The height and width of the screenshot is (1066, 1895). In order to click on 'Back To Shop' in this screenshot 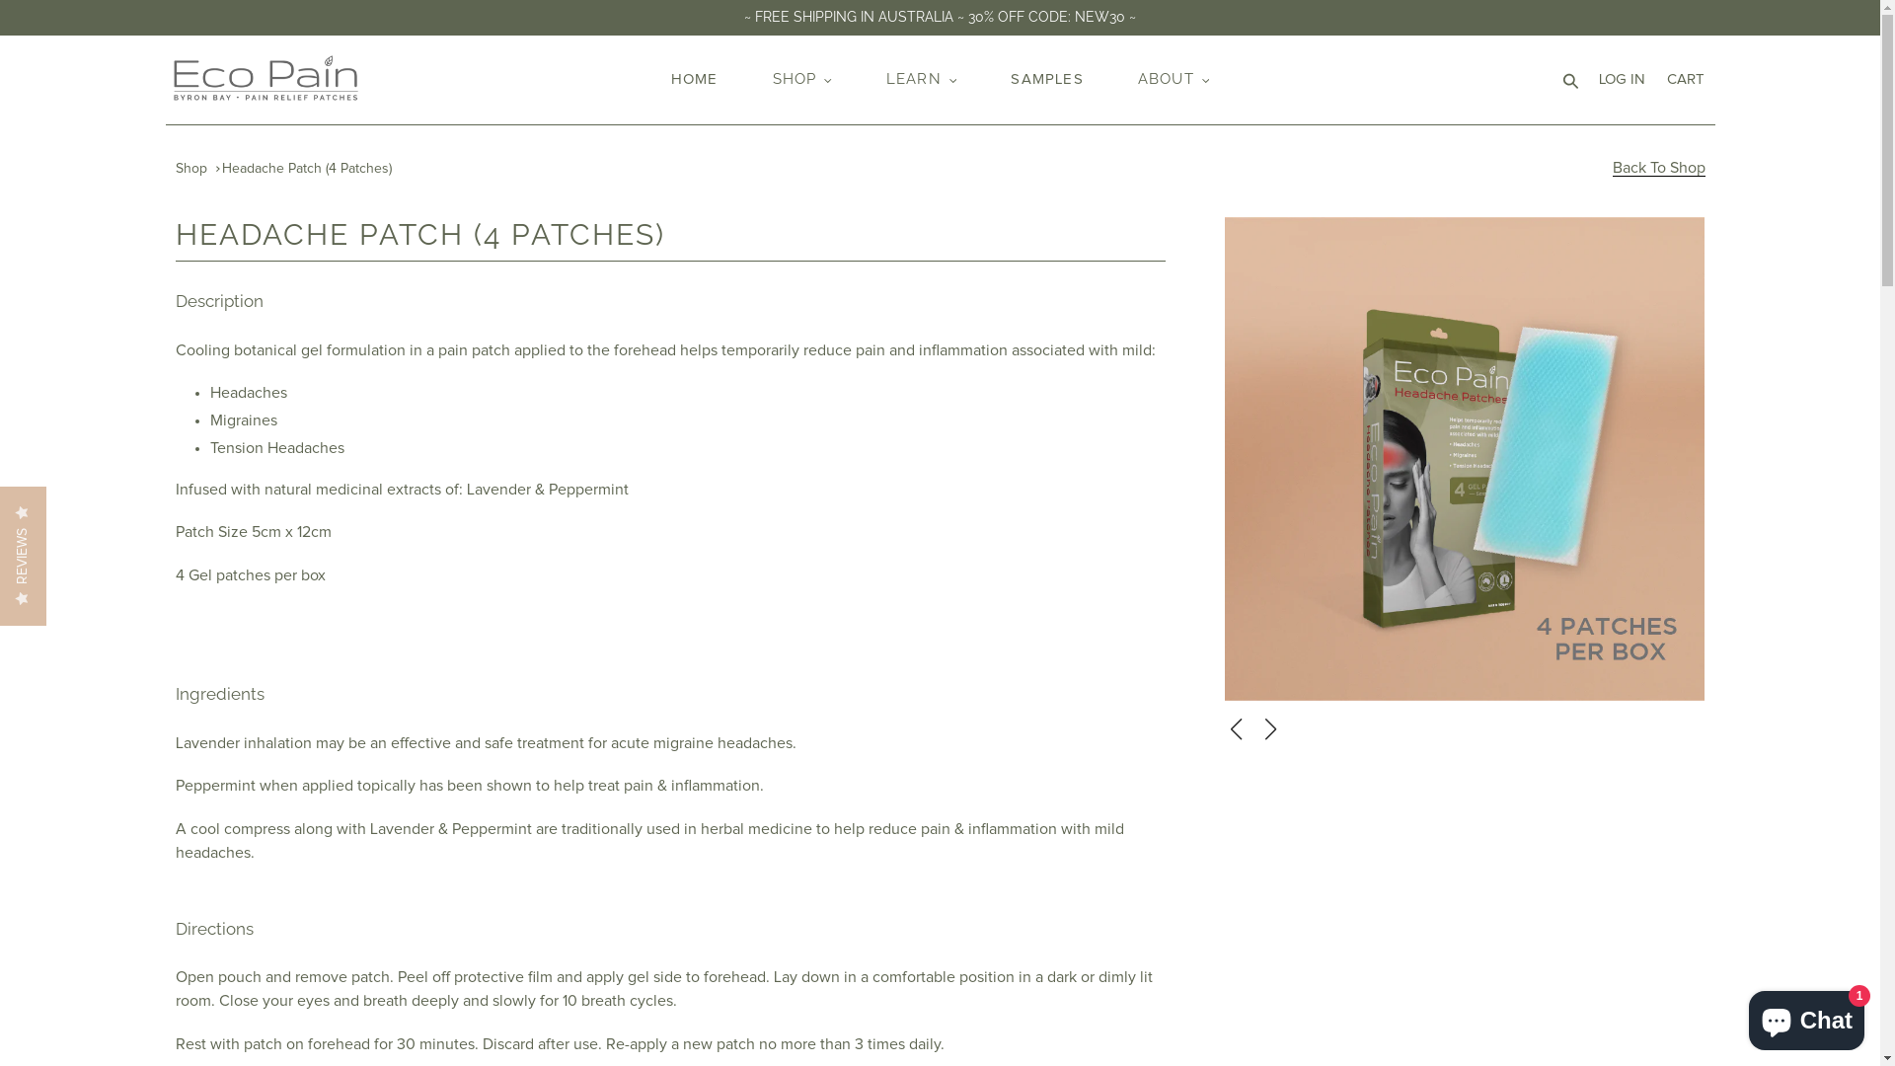, I will do `click(1612, 167)`.